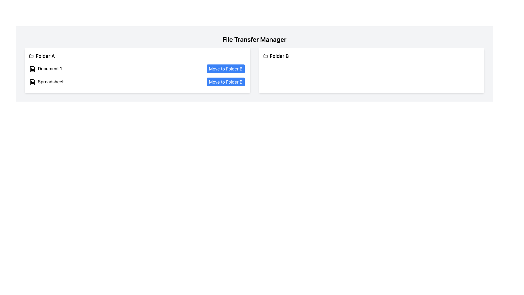 The image size is (524, 295). I want to click on the folder icon associated with 'Folder A', so click(31, 56).